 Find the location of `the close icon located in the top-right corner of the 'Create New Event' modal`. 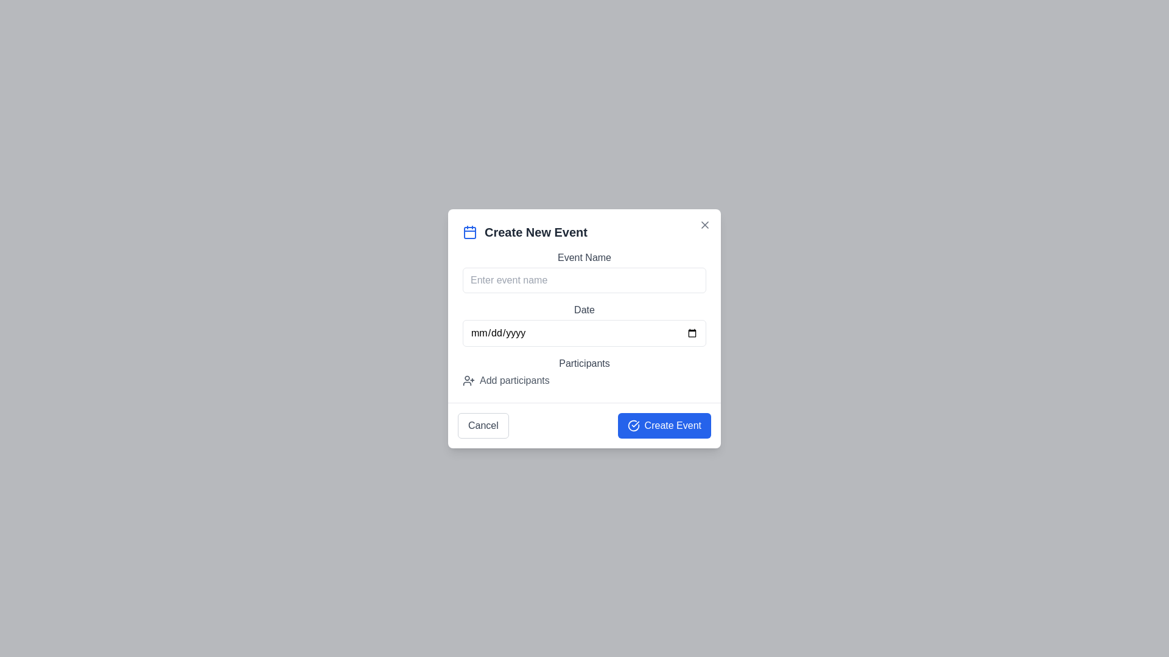

the close icon located in the top-right corner of the 'Create New Event' modal is located at coordinates (704, 224).